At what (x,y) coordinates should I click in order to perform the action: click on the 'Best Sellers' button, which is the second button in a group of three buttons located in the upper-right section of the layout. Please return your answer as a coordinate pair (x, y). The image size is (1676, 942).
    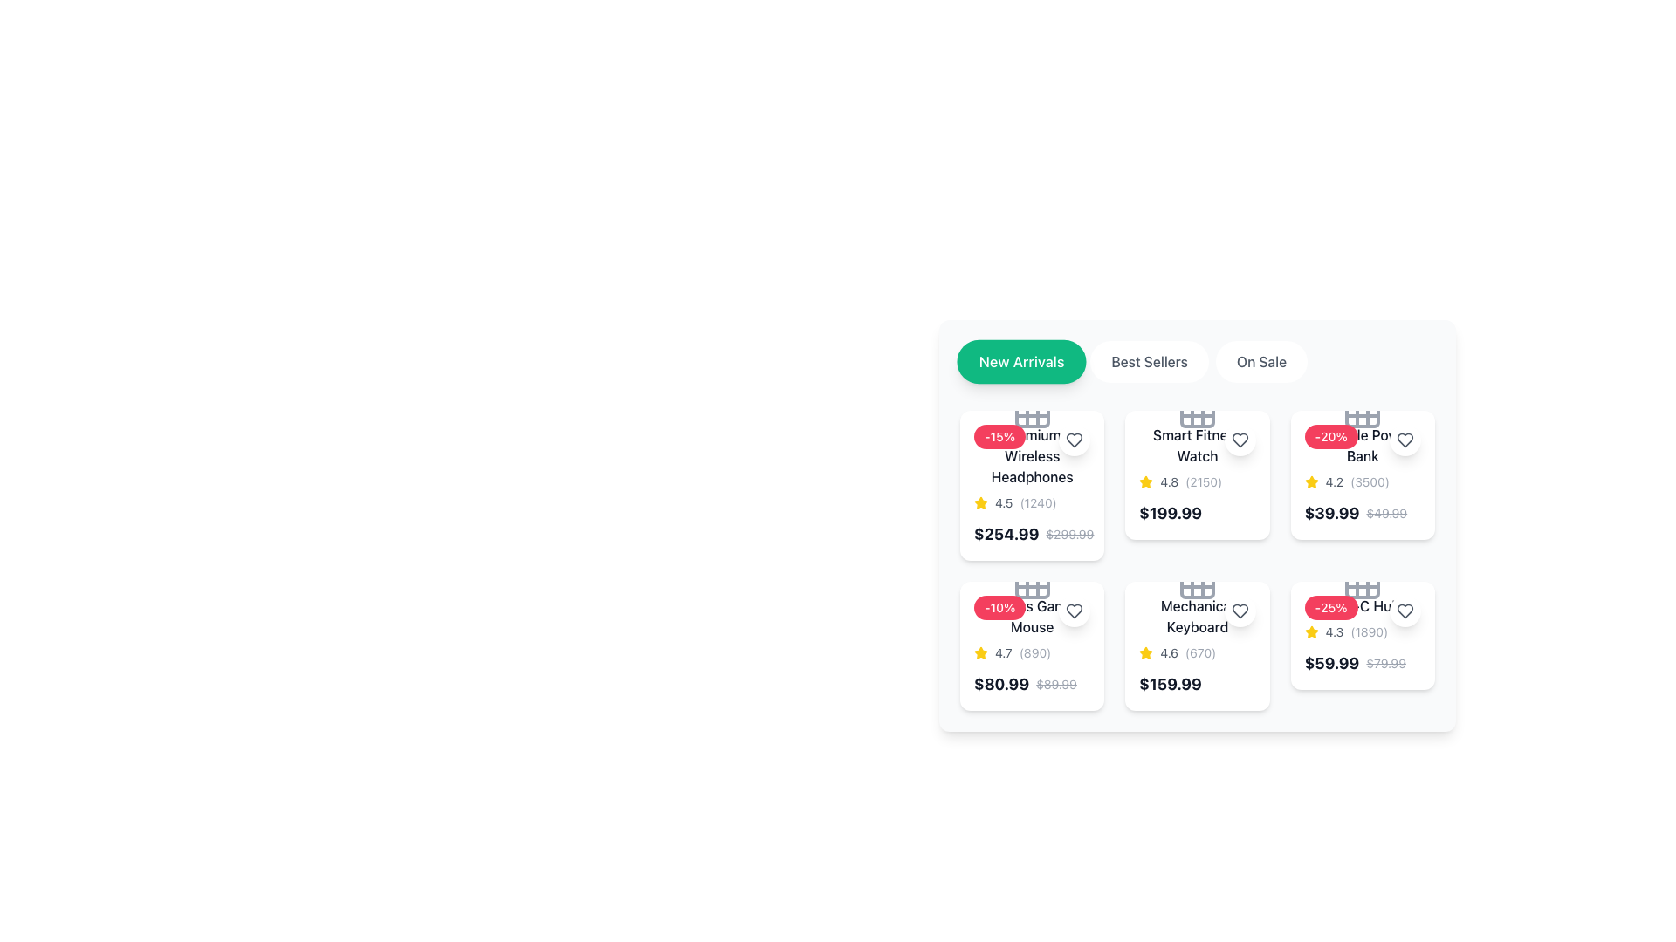
    Looking at the image, I should click on (1150, 361).